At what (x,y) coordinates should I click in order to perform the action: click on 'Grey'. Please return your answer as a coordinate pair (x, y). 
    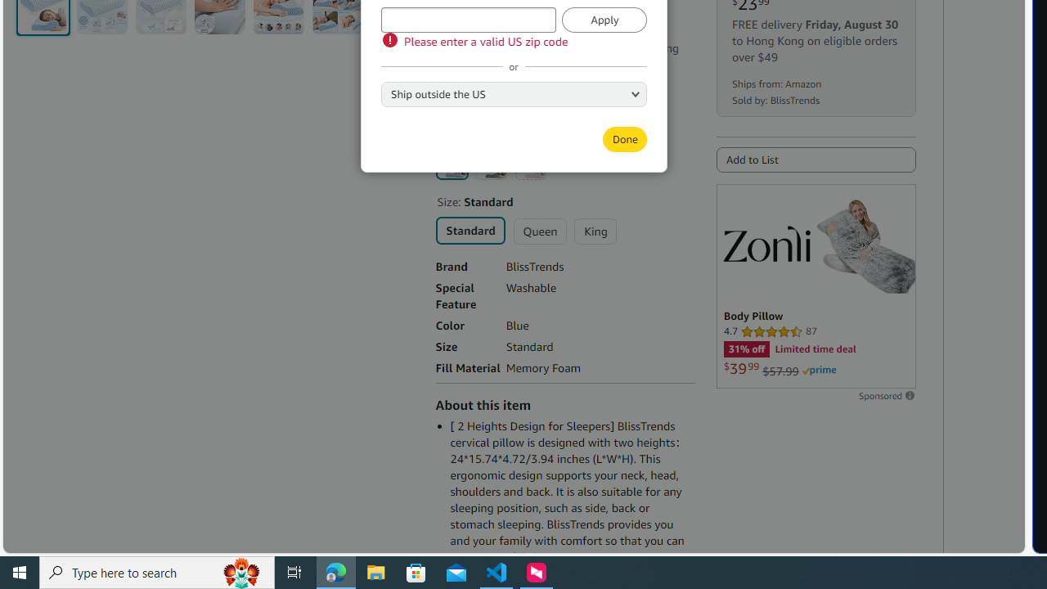
    Looking at the image, I should click on (490, 164).